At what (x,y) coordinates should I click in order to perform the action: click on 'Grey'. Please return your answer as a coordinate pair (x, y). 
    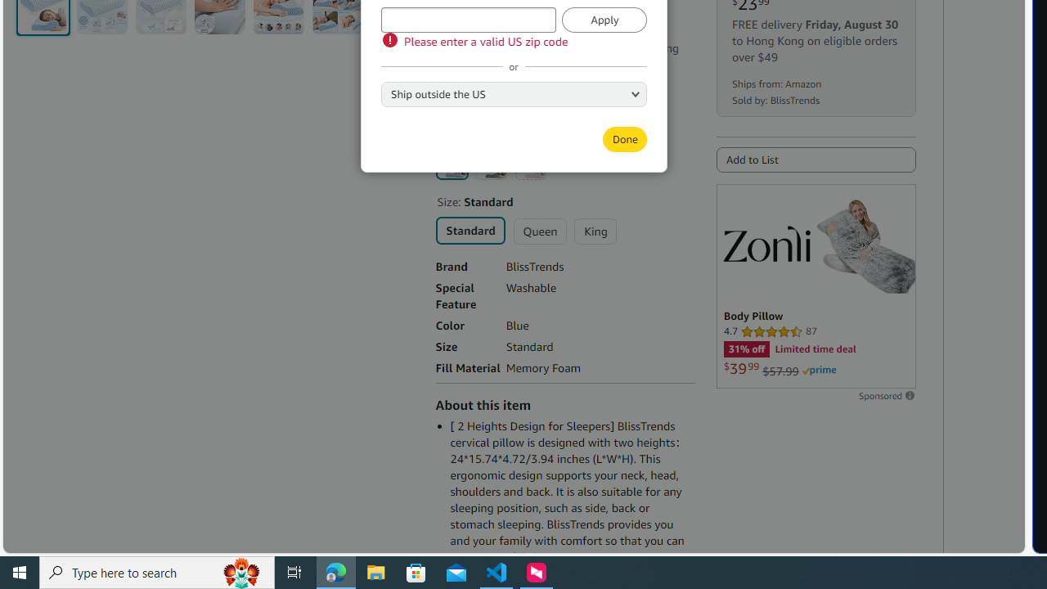
    Looking at the image, I should click on (490, 164).